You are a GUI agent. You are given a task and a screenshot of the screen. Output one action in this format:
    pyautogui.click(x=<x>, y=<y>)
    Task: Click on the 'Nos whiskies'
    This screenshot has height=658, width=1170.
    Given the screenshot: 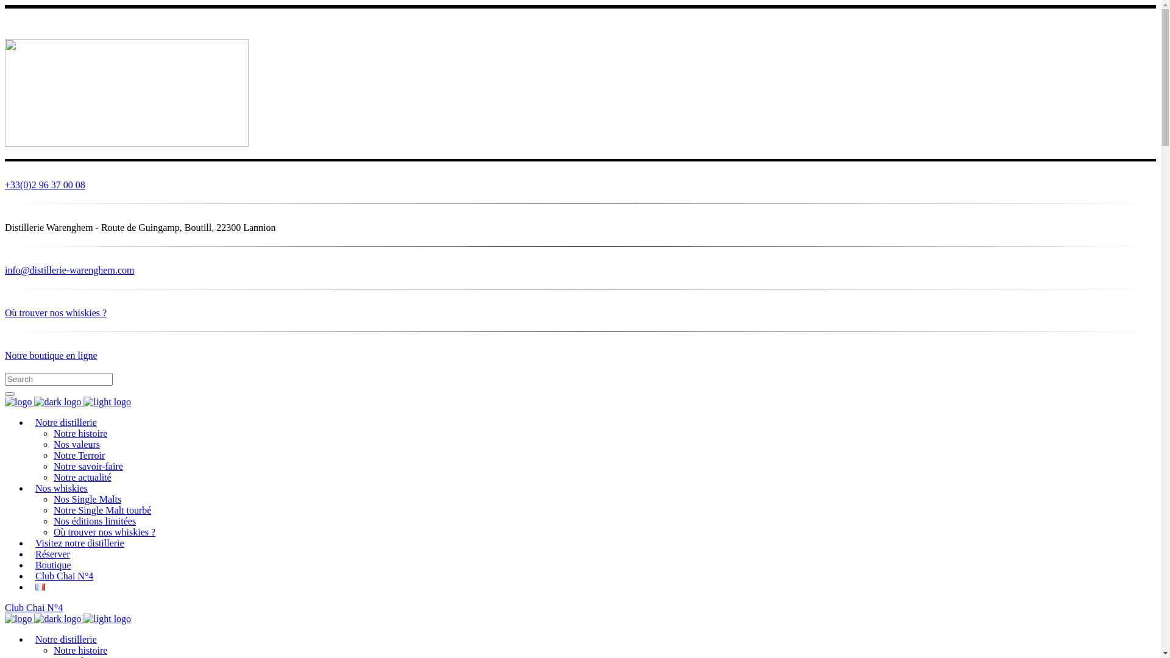 What is the action you would take?
    pyautogui.click(x=60, y=487)
    